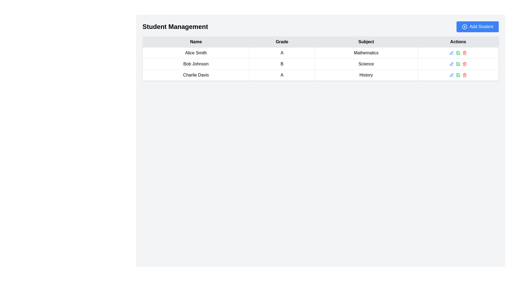 This screenshot has height=292, width=519. What do you see at coordinates (282, 75) in the screenshot?
I see `the text element 'A' in the 'Grade' column for student 'Charlie Davis' in the student management table` at bounding box center [282, 75].